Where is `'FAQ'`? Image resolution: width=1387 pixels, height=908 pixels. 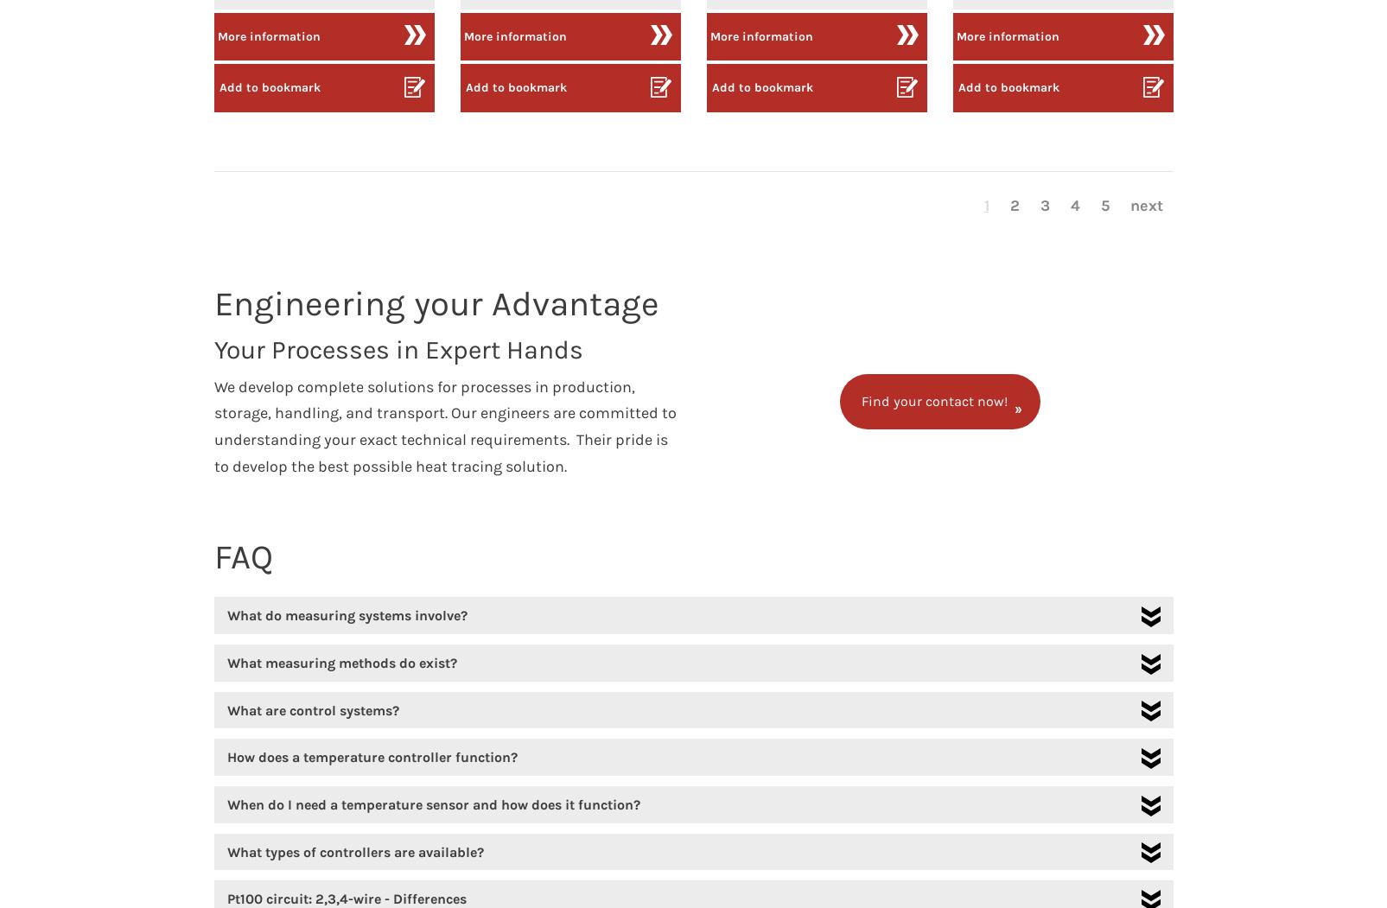 'FAQ' is located at coordinates (243, 556).